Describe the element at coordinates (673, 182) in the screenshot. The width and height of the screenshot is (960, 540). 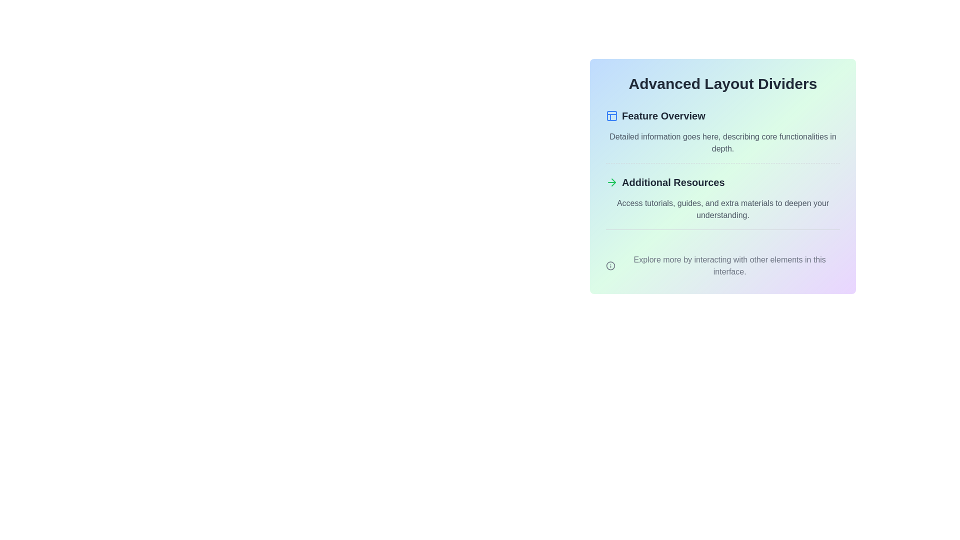
I see `the 'Additional Resources' text label, which is displayed in a large, bold, gray-colored font, located near the upper-center section of the interface` at that location.